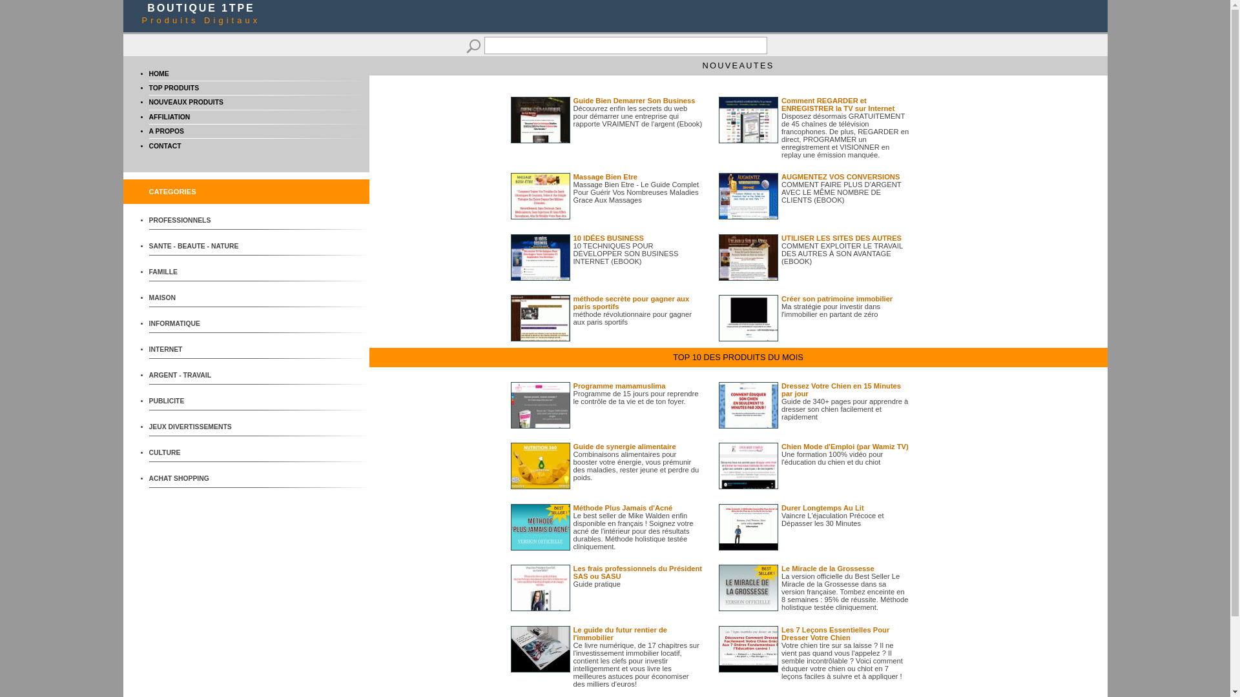 This screenshot has width=1240, height=697. Describe the element at coordinates (821, 507) in the screenshot. I see `'Durer Longtemps Au Lit'` at that location.